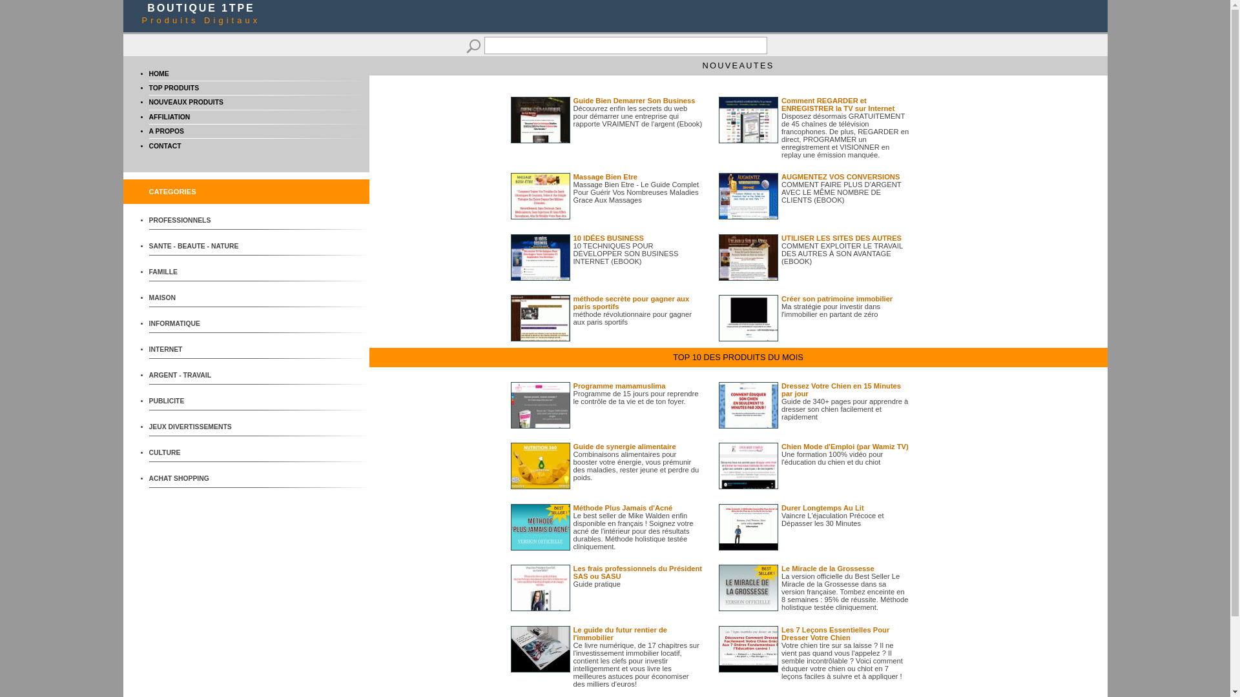 This screenshot has width=1240, height=697. Describe the element at coordinates (821, 507) in the screenshot. I see `'Durer Longtemps Au Lit'` at that location.